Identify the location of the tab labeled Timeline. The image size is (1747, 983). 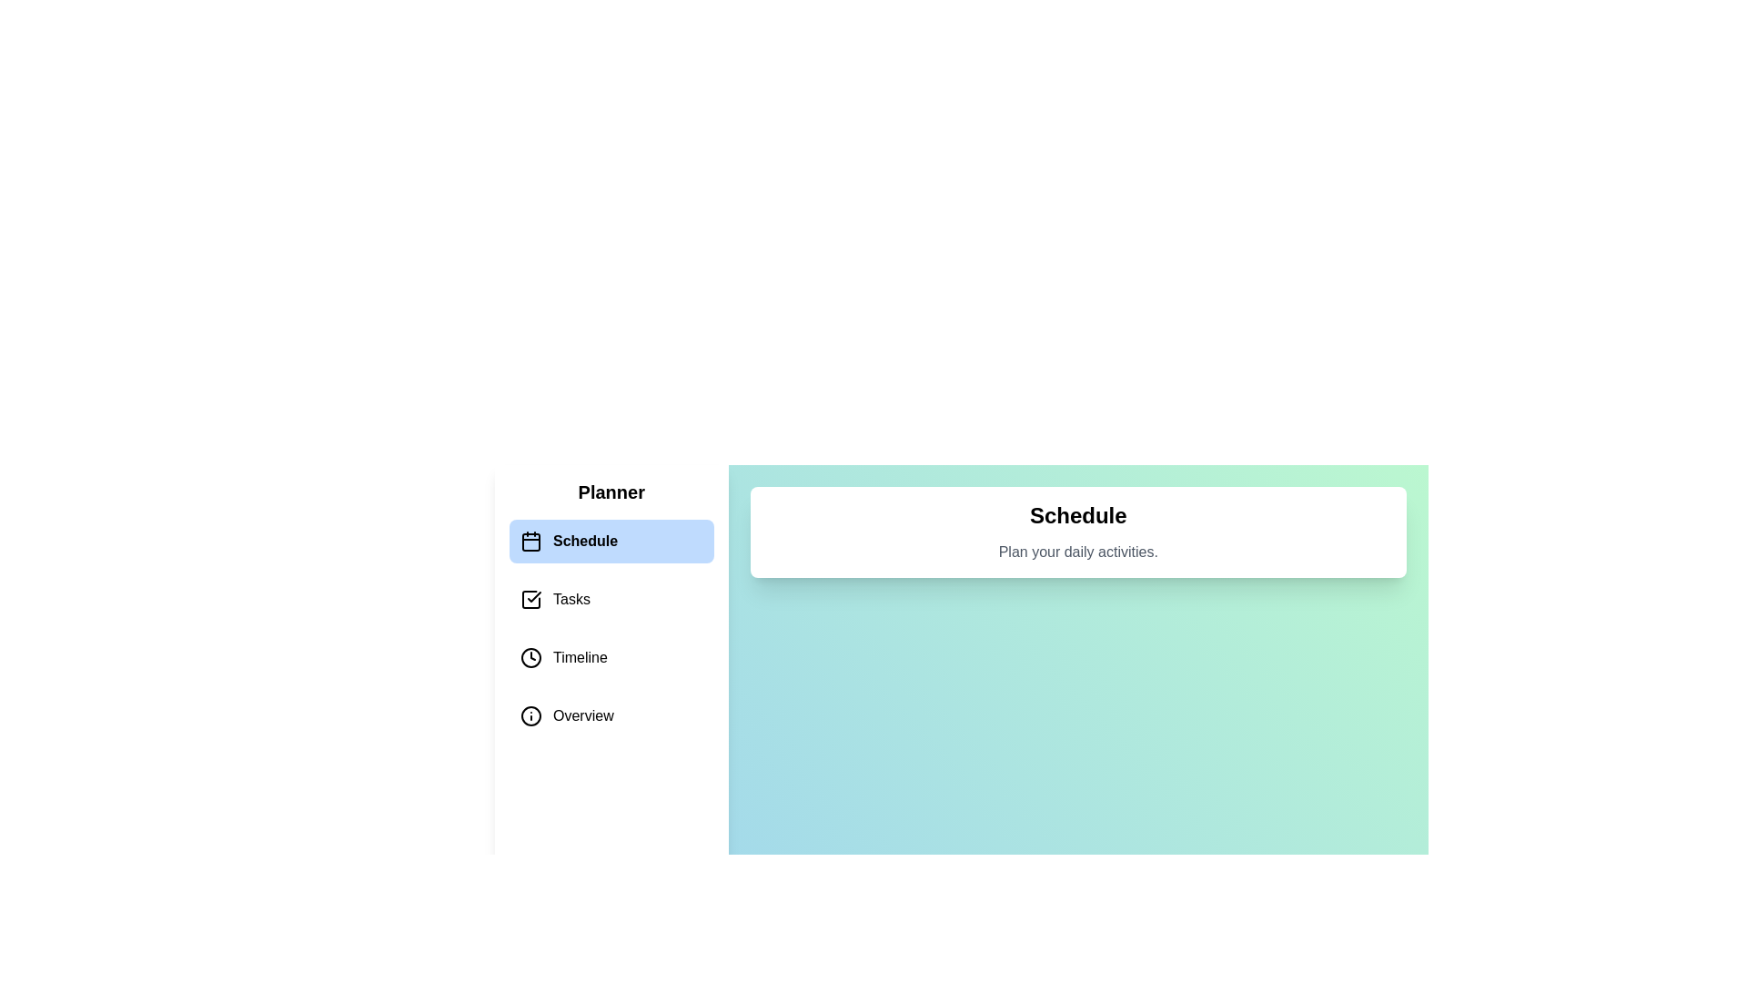
(611, 657).